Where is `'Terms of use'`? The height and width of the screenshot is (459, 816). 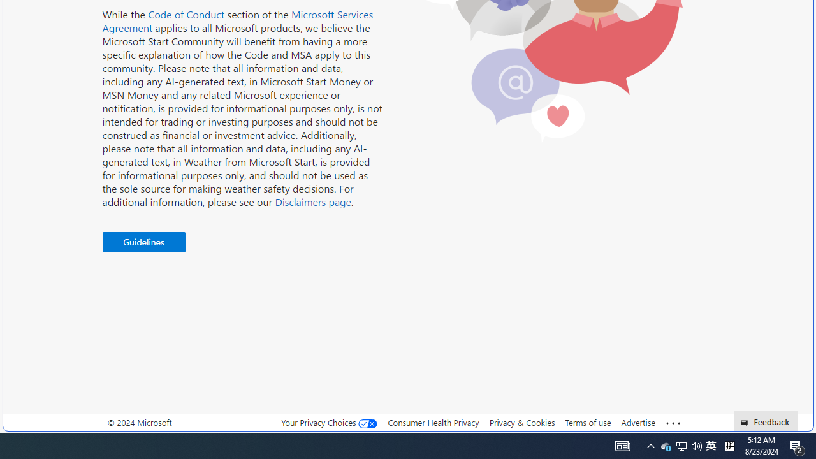
'Terms of use' is located at coordinates (587, 422).